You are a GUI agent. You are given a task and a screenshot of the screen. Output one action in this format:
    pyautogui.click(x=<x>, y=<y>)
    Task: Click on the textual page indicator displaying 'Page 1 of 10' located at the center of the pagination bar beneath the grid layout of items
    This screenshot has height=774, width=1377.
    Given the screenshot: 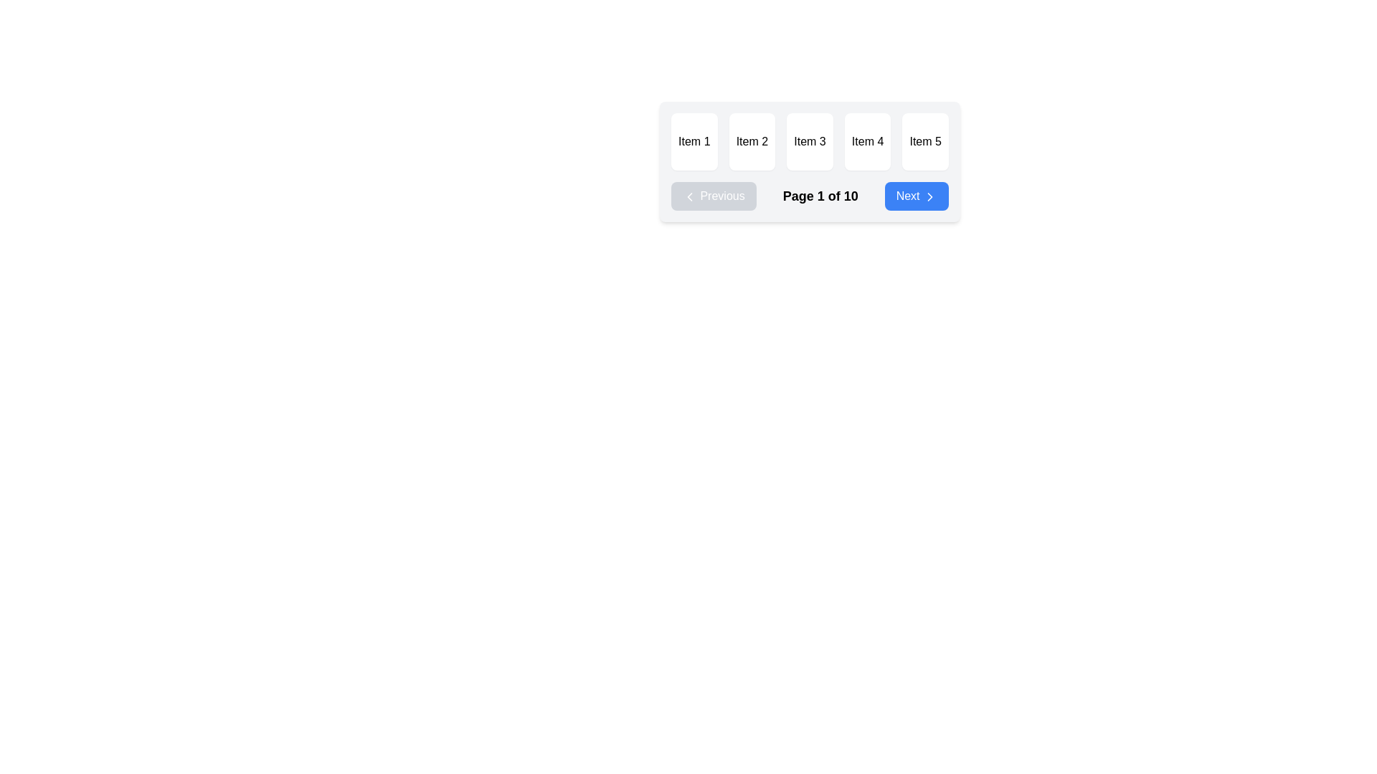 What is the action you would take?
    pyautogui.click(x=810, y=196)
    